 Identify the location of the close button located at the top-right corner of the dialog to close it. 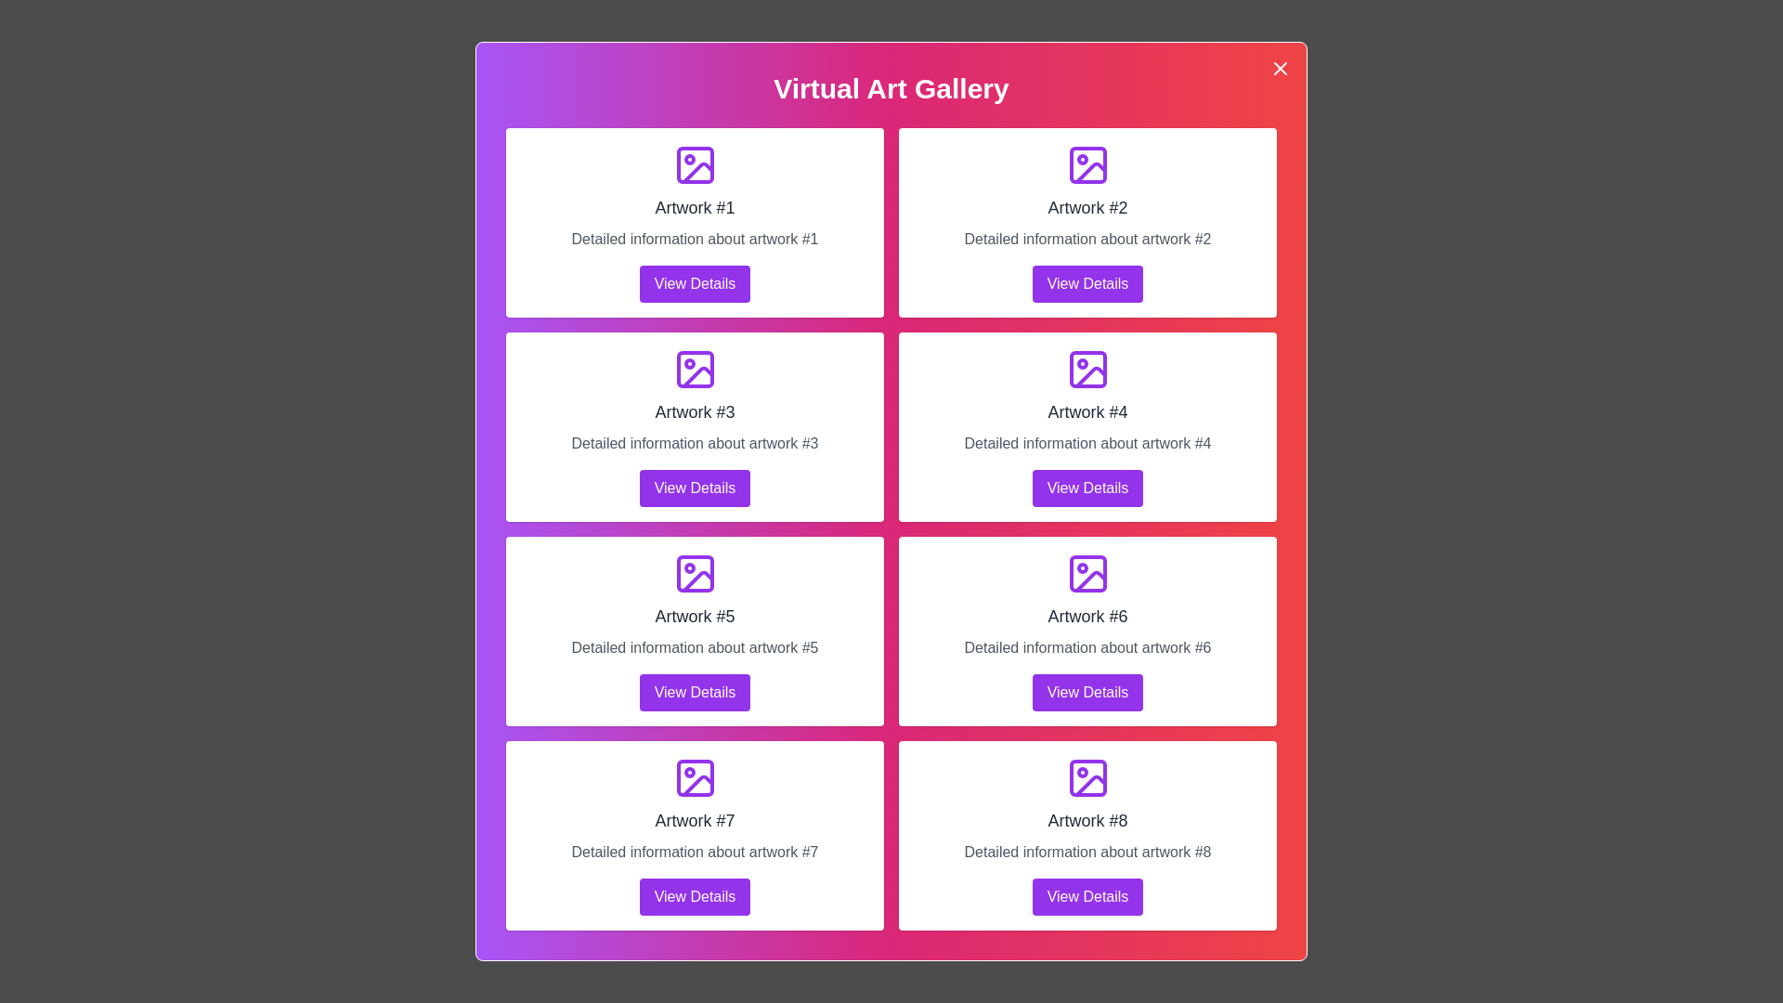
(1279, 67).